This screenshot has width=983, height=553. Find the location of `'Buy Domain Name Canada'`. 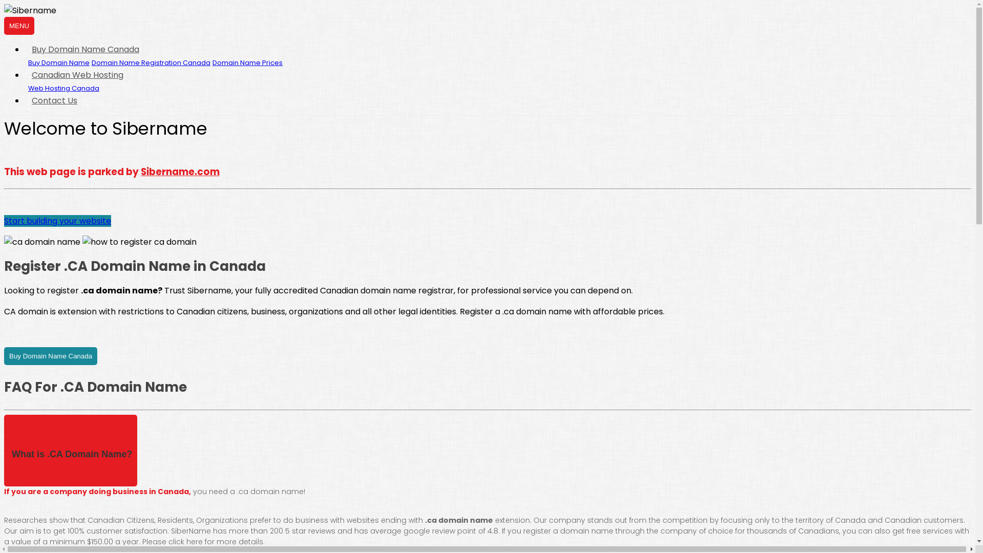

'Buy Domain Name Canada' is located at coordinates (86, 49).